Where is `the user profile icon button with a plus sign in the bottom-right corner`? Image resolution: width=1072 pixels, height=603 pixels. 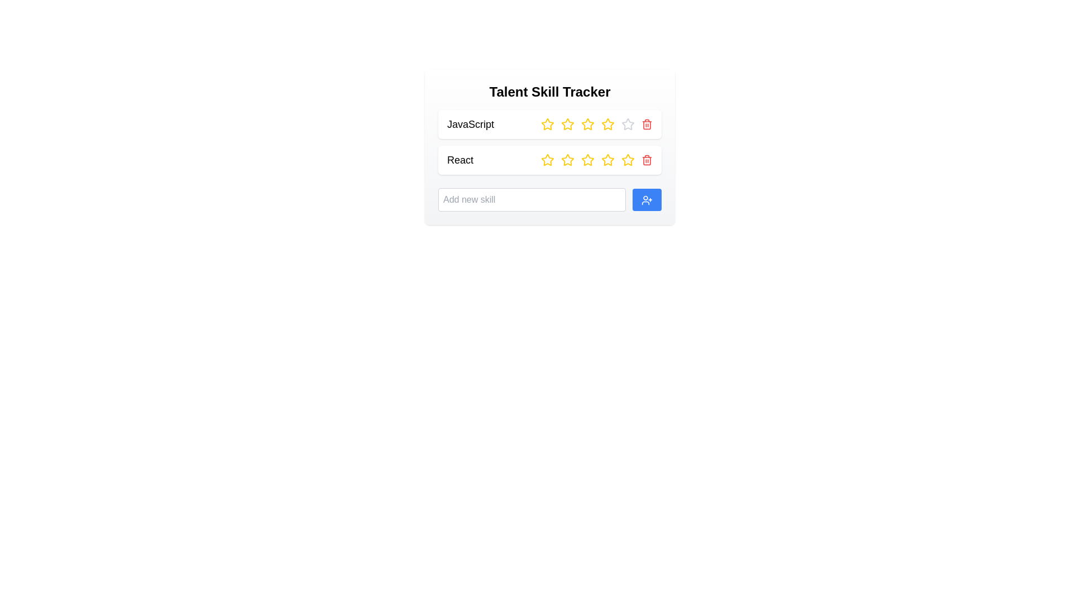
the user profile icon button with a plus sign in the bottom-right corner is located at coordinates (647, 199).